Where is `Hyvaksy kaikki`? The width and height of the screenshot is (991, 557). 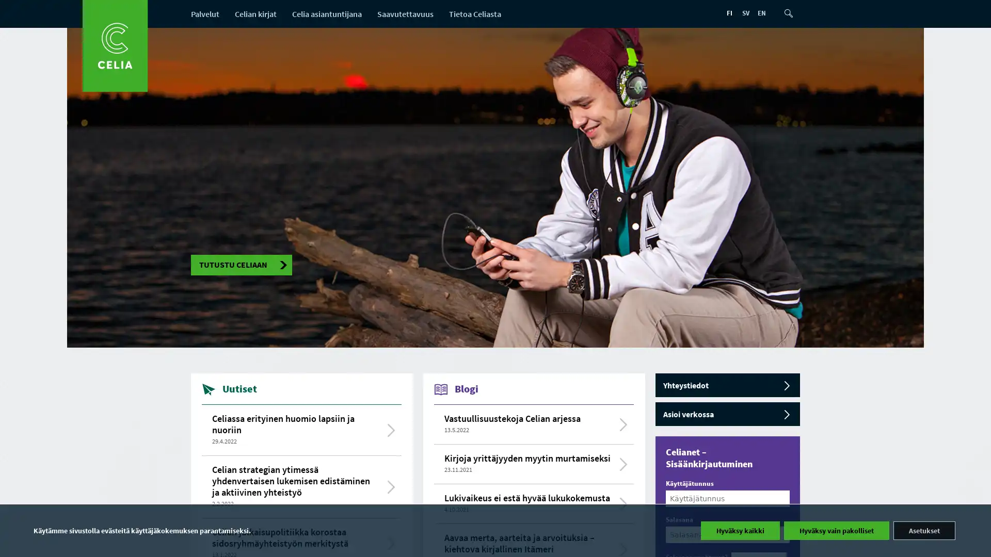 Hyvaksy kaikki is located at coordinates (740, 531).